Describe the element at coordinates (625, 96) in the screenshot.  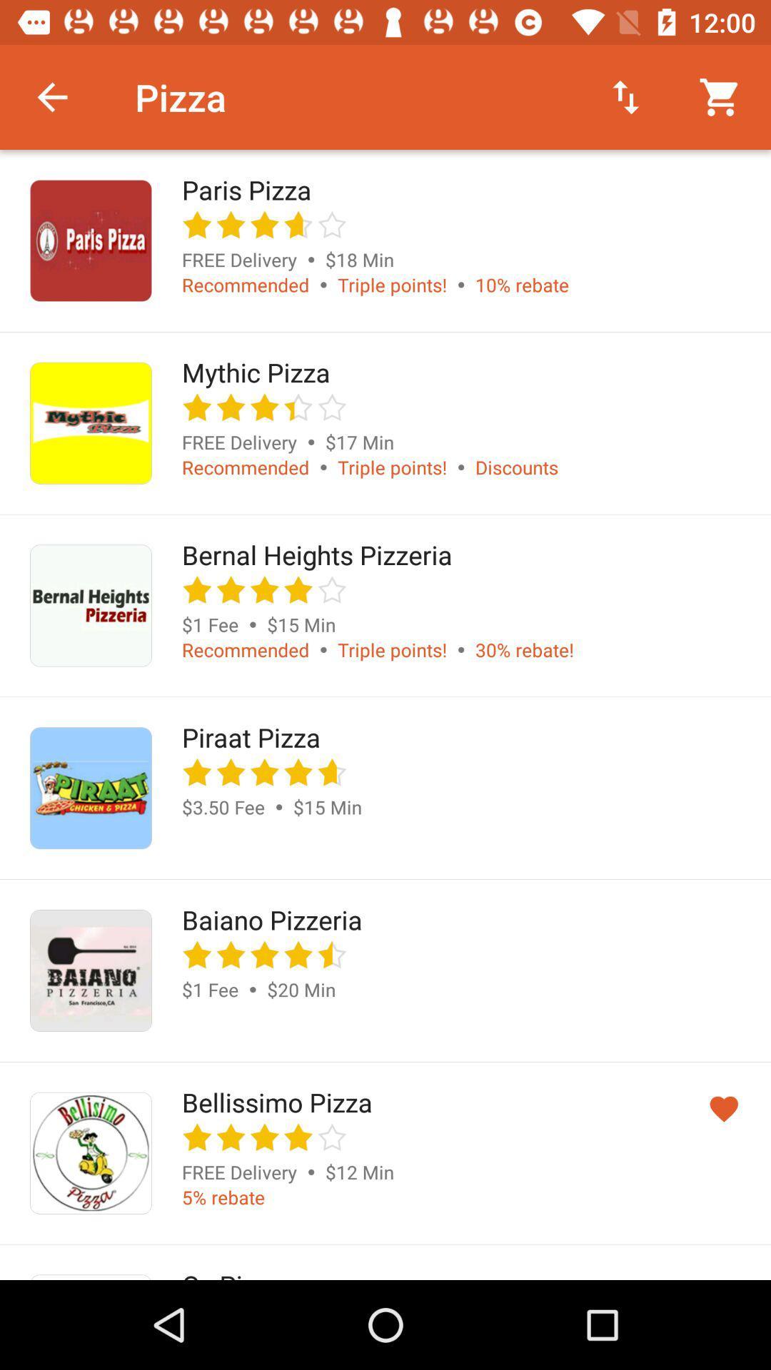
I see `item to the right of pizza` at that location.